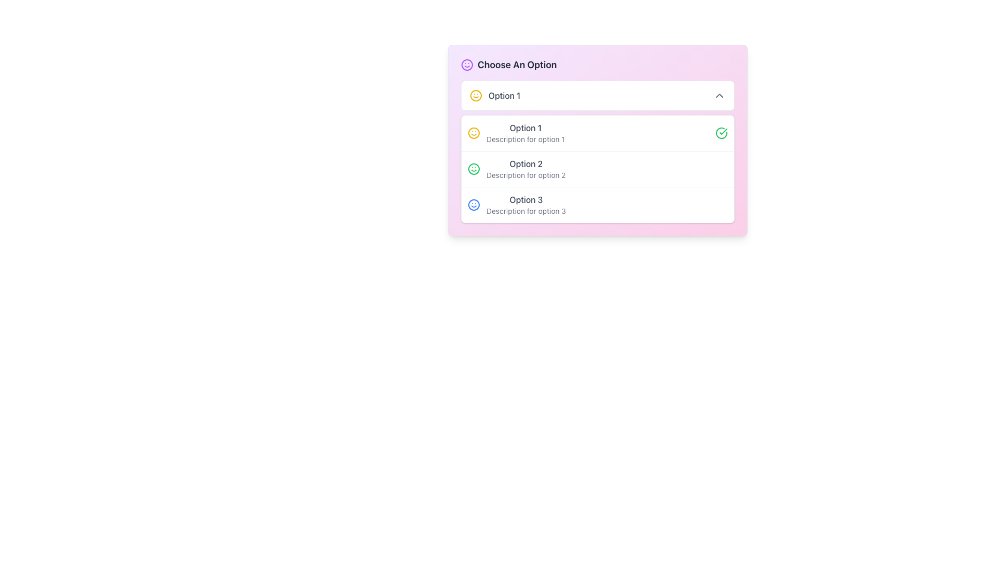  Describe the element at coordinates (473, 132) in the screenshot. I see `the yellow circular element that is part of the smiley-face icon located at the top-left of the interface` at that location.